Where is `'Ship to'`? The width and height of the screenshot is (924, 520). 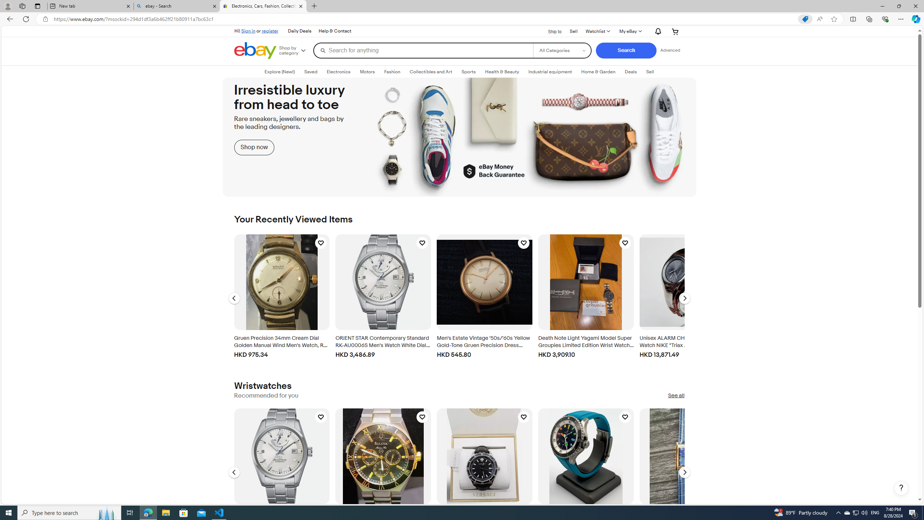
'Ship to' is located at coordinates (550, 31).